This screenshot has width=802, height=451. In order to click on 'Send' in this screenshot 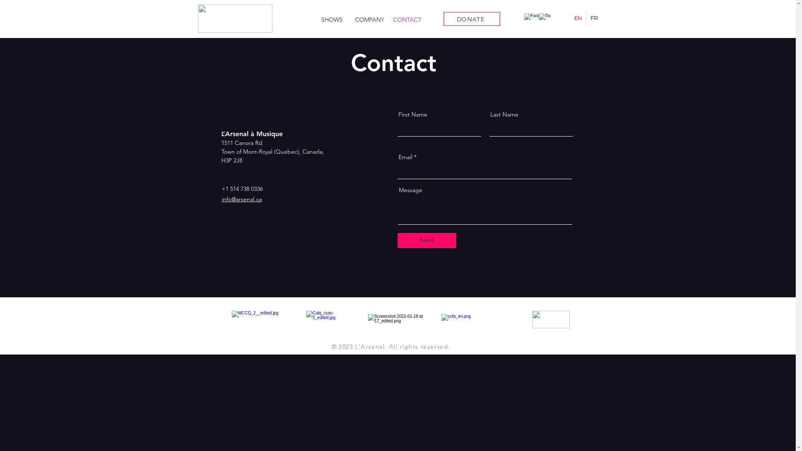, I will do `click(427, 240)`.